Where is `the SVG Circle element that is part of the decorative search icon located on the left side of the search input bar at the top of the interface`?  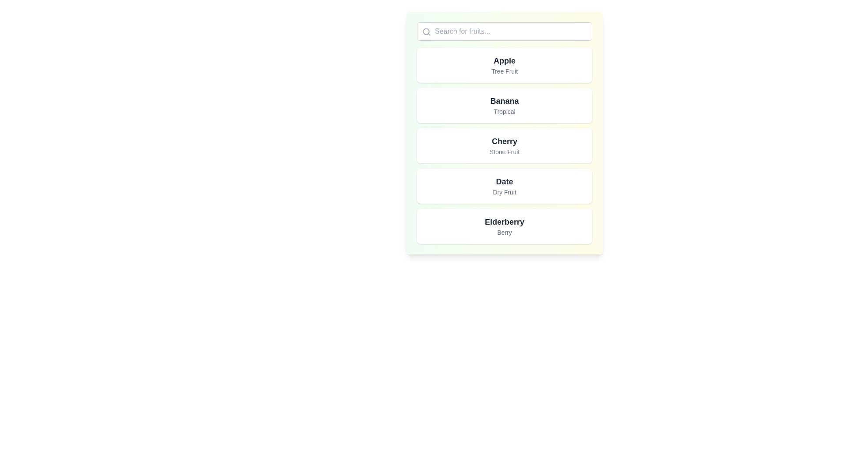 the SVG Circle element that is part of the decorative search icon located on the left side of the search input bar at the top of the interface is located at coordinates (426, 31).